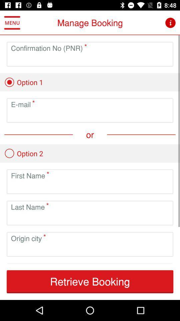 This screenshot has height=321, width=180. I want to click on origin city text box, so click(90, 249).